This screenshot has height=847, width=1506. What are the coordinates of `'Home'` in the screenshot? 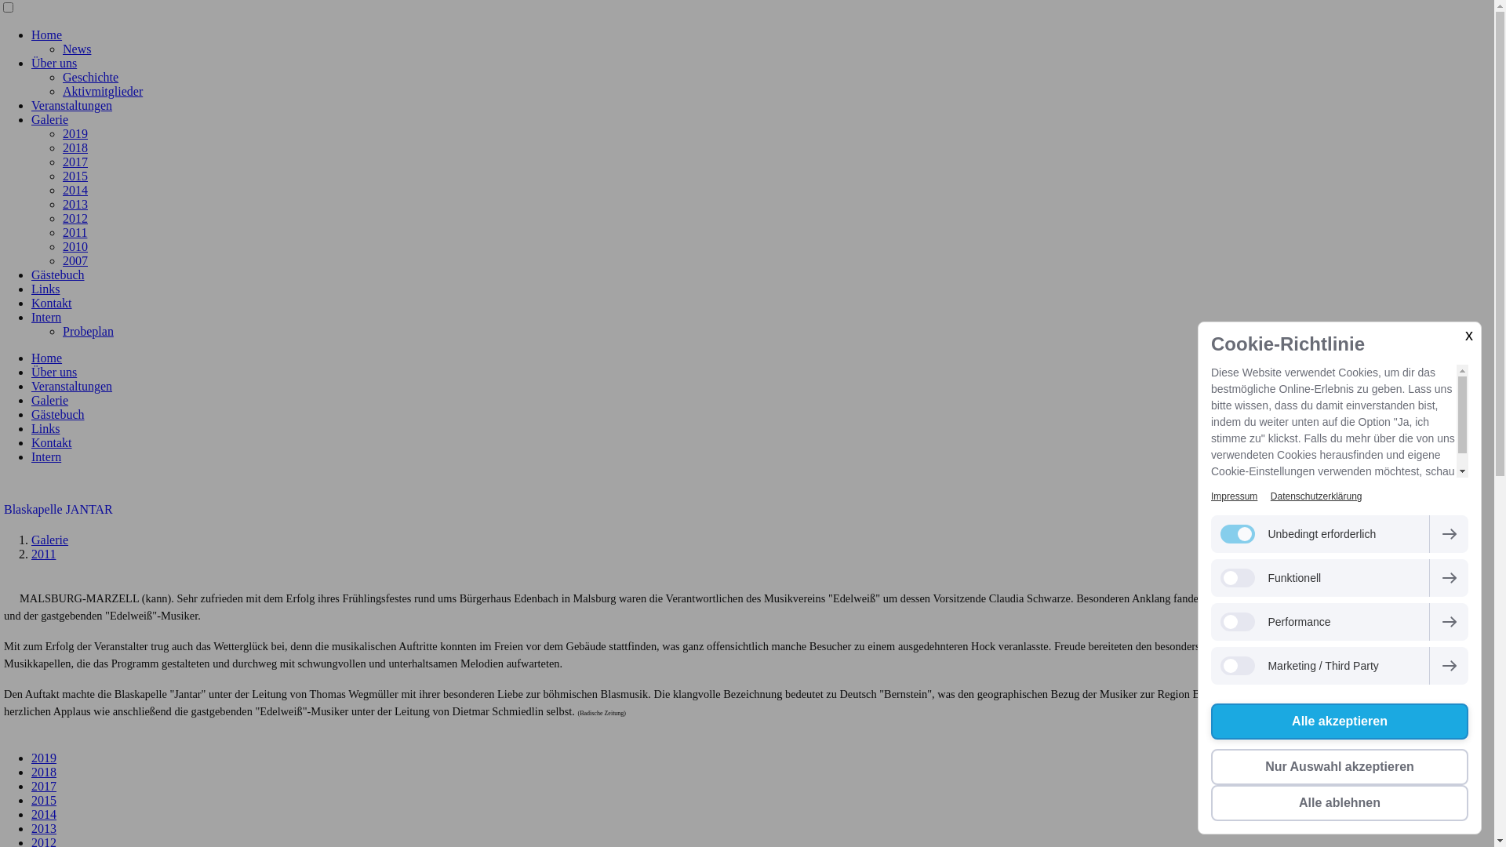 It's located at (46, 358).